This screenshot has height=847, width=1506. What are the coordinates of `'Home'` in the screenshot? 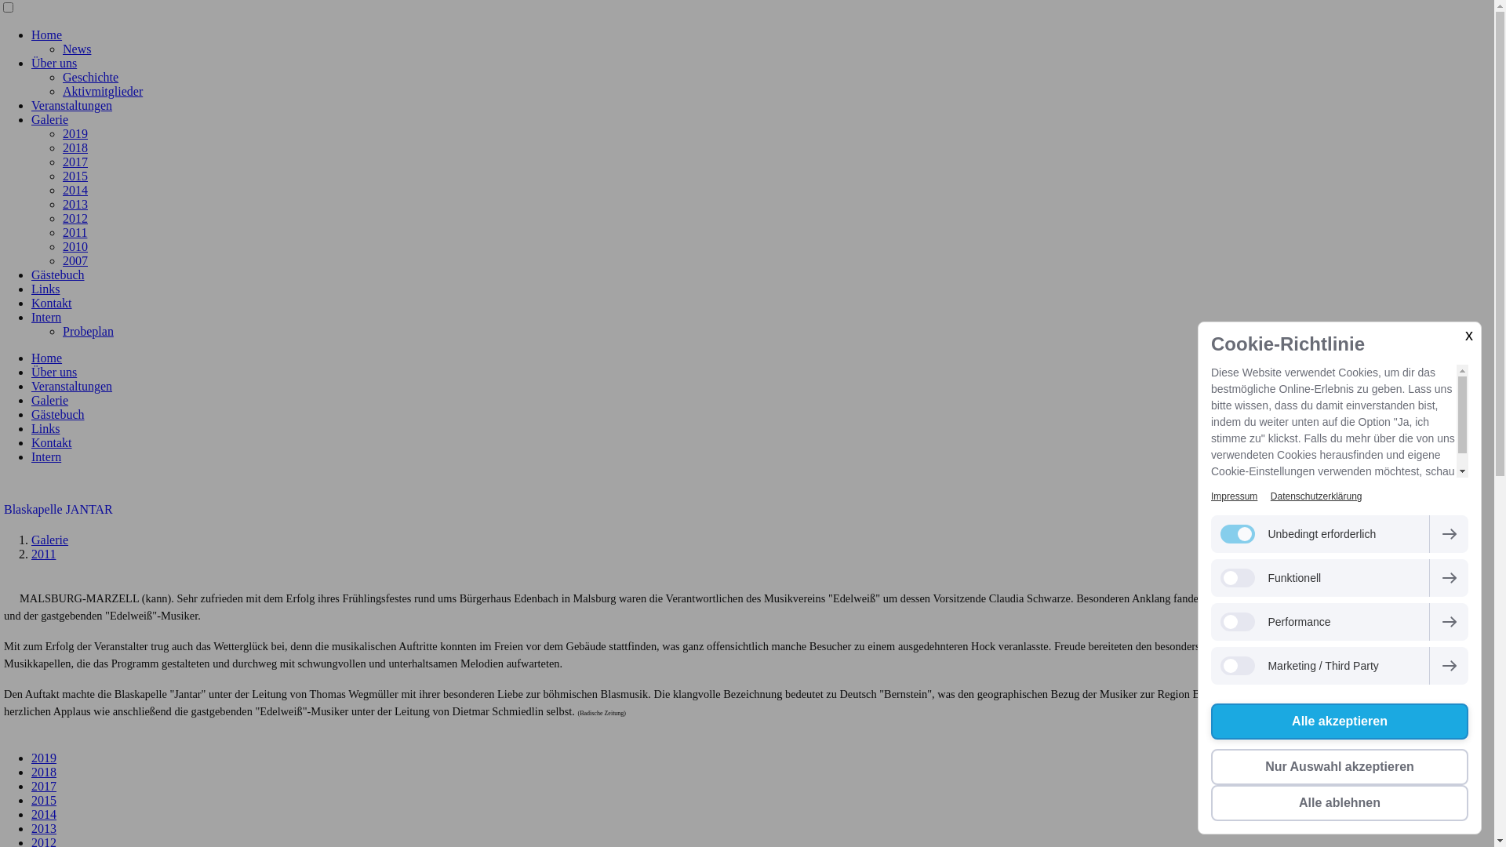 It's located at (46, 358).